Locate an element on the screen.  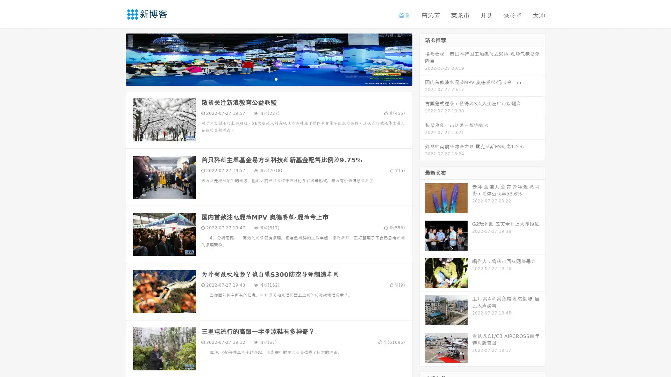
Go to slide 2 is located at coordinates (268, 79).